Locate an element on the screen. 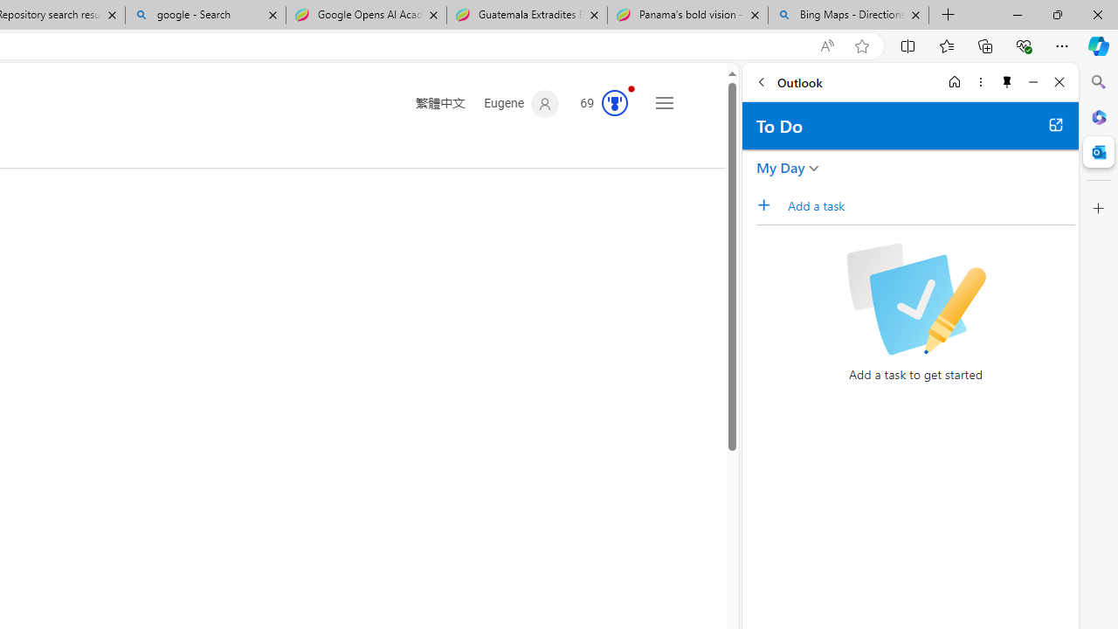 This screenshot has height=629, width=1118. 'Back' is located at coordinates (761, 81).